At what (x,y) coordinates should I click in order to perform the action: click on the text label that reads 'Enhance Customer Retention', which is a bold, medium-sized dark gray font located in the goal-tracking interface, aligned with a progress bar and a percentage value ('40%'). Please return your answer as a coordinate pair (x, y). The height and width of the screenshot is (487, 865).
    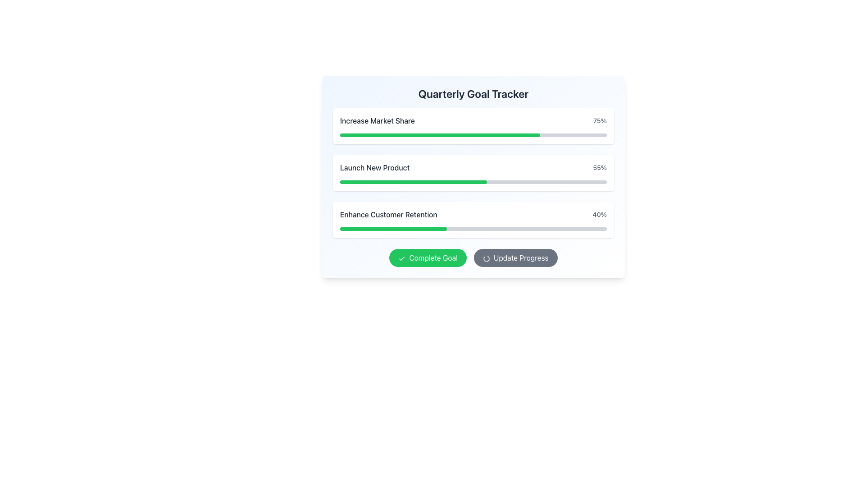
    Looking at the image, I should click on (388, 214).